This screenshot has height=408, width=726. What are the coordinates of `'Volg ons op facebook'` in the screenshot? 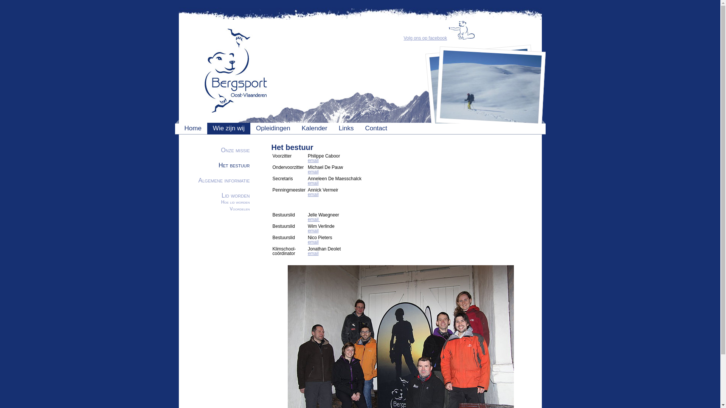 It's located at (425, 38).